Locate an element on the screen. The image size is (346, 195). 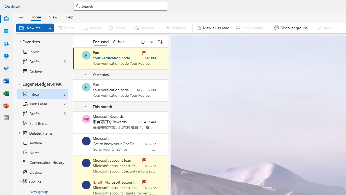
'Expand to see delete options' is located at coordinates (78, 28).